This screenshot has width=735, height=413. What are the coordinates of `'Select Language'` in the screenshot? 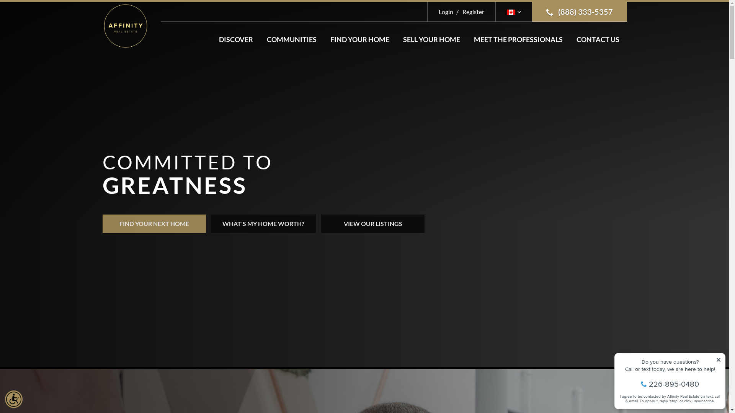 It's located at (514, 11).